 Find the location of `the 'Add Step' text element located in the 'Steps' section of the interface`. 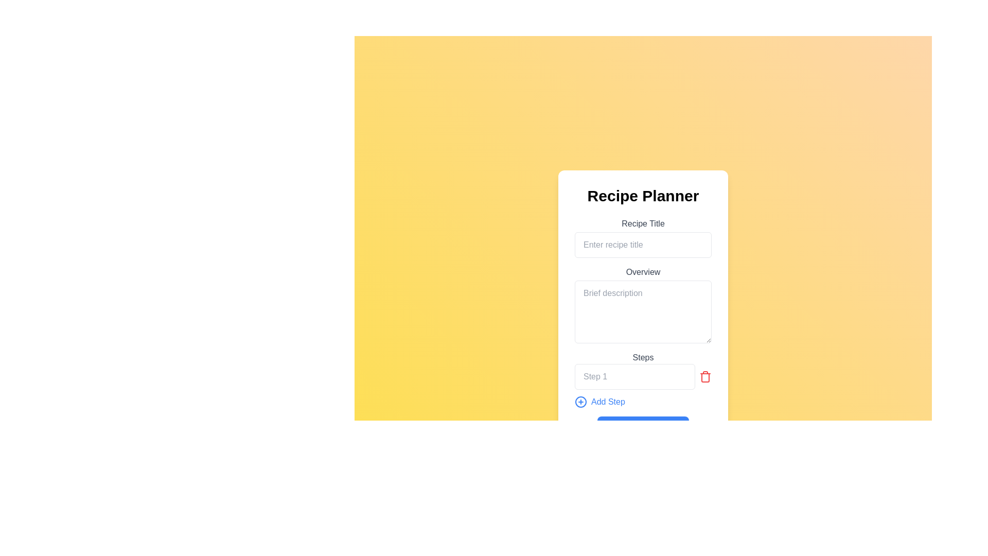

the 'Add Step' text element located in the 'Steps' section of the interface is located at coordinates (607, 401).